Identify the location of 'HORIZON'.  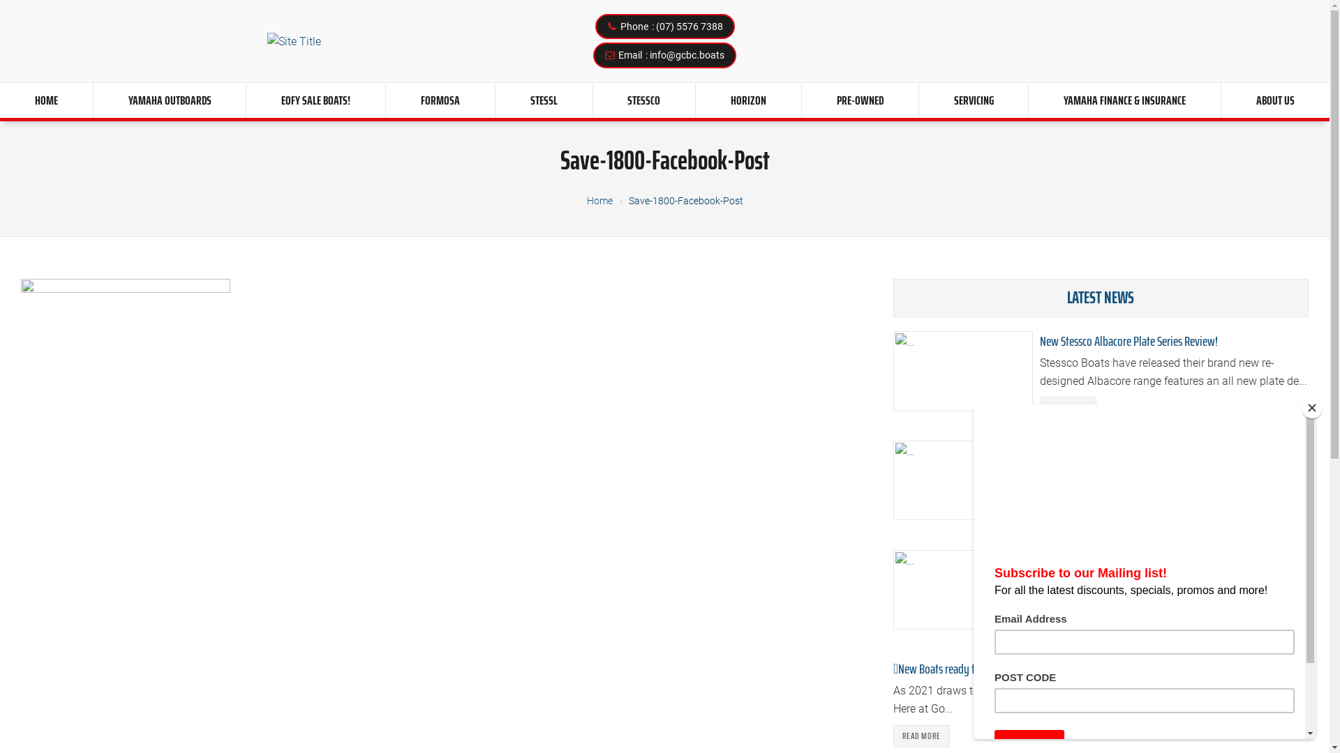
(696, 99).